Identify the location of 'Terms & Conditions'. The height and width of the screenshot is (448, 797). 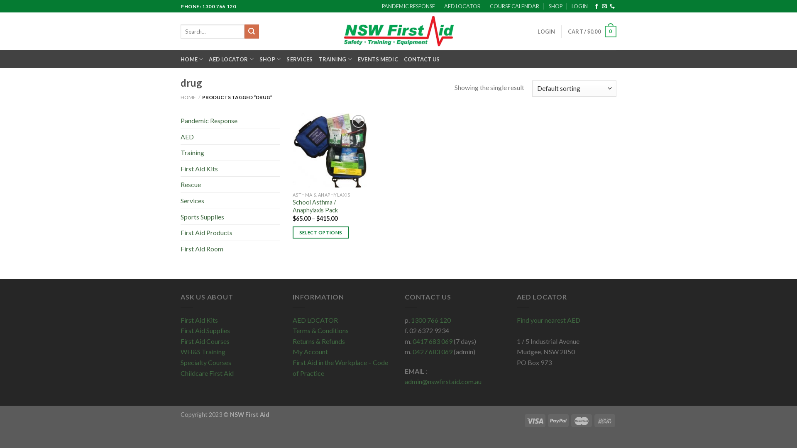
(320, 330).